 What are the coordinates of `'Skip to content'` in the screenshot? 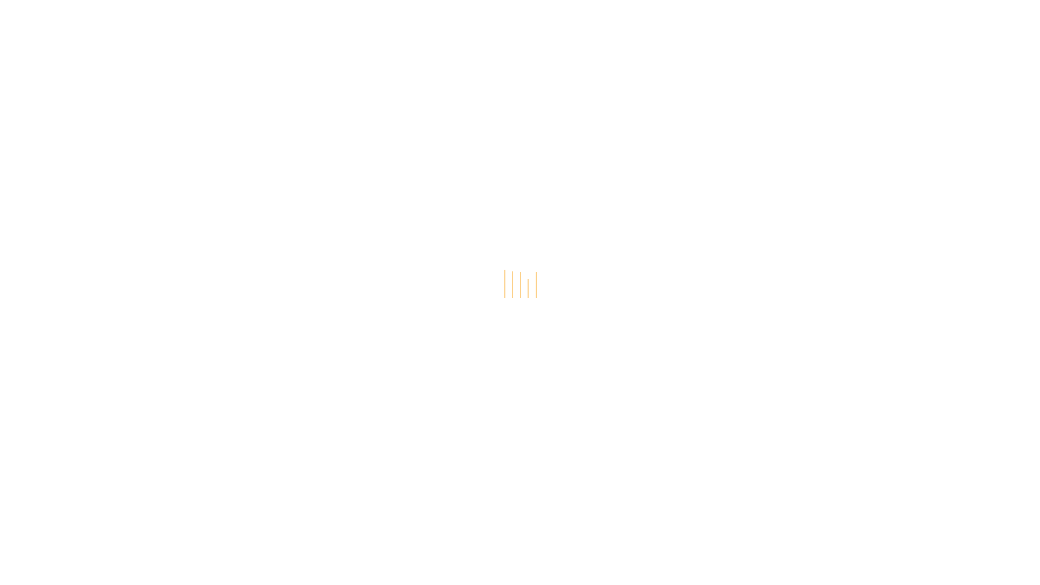 It's located at (0, 0).